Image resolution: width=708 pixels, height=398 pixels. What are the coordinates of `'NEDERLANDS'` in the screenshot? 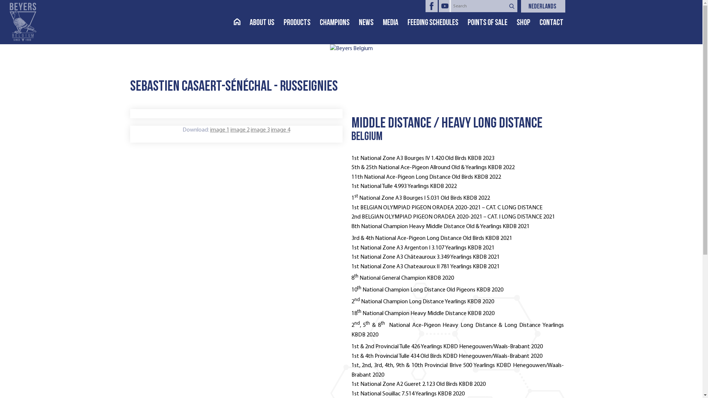 It's located at (546, 7).